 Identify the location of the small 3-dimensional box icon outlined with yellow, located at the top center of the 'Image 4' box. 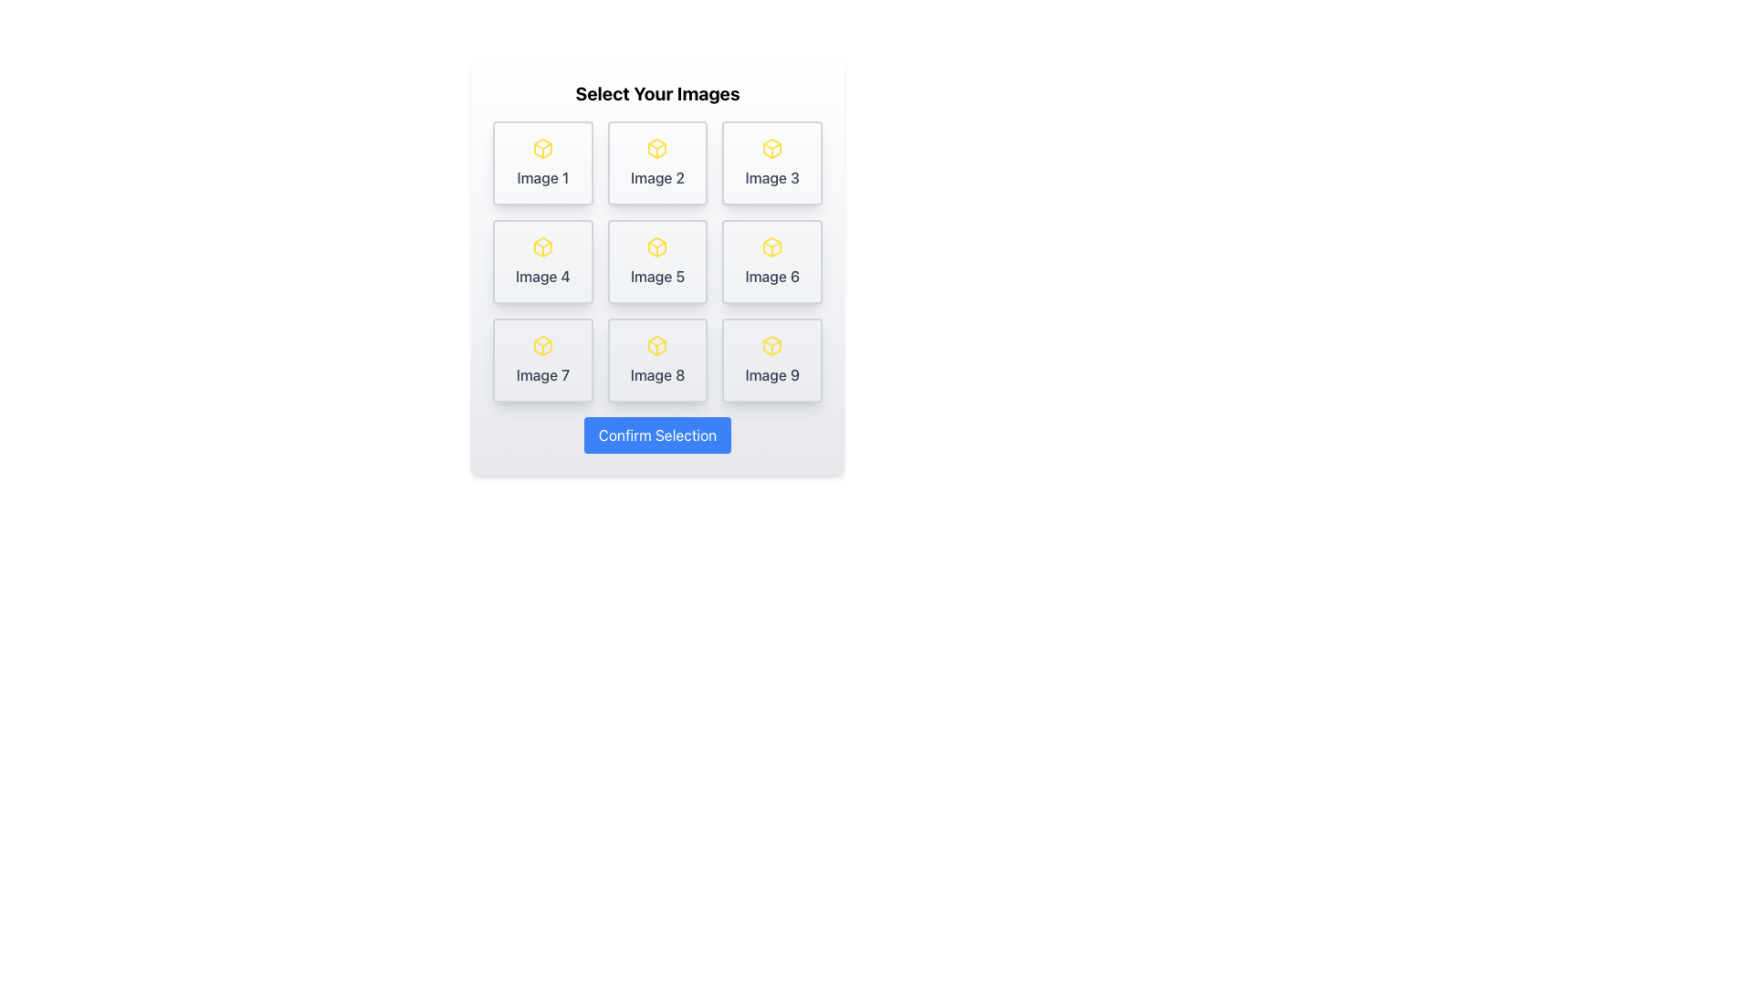
(541, 246).